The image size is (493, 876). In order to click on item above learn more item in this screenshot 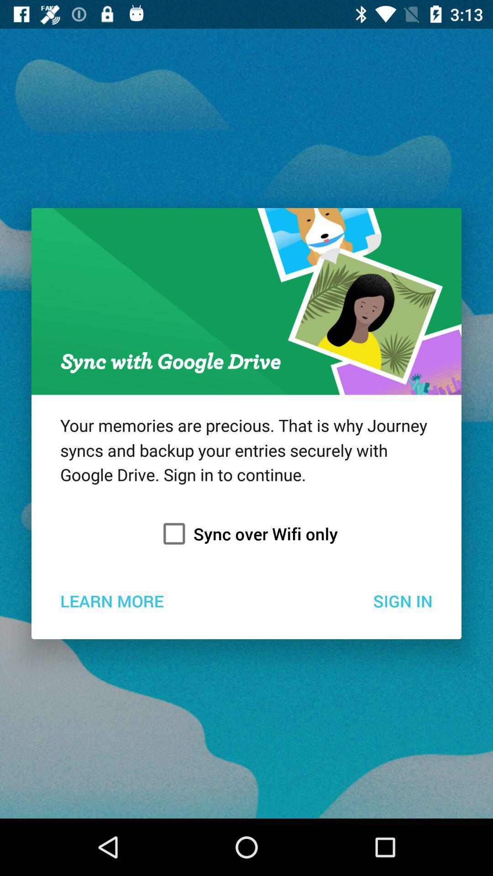, I will do `click(246, 534)`.